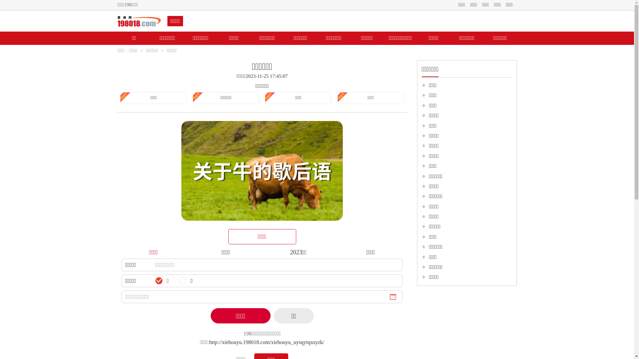 This screenshot has height=359, width=639. I want to click on 'http://xiehouyu.198018.com/xiehouyu_uysqytqsoyzk/', so click(267, 342).